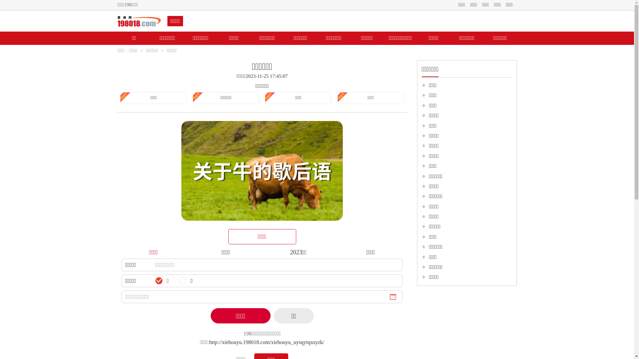 This screenshot has height=359, width=639. I want to click on 'http://xiehouyu.198018.com/xiehouyu_uysqytqsoyzk/', so click(267, 342).